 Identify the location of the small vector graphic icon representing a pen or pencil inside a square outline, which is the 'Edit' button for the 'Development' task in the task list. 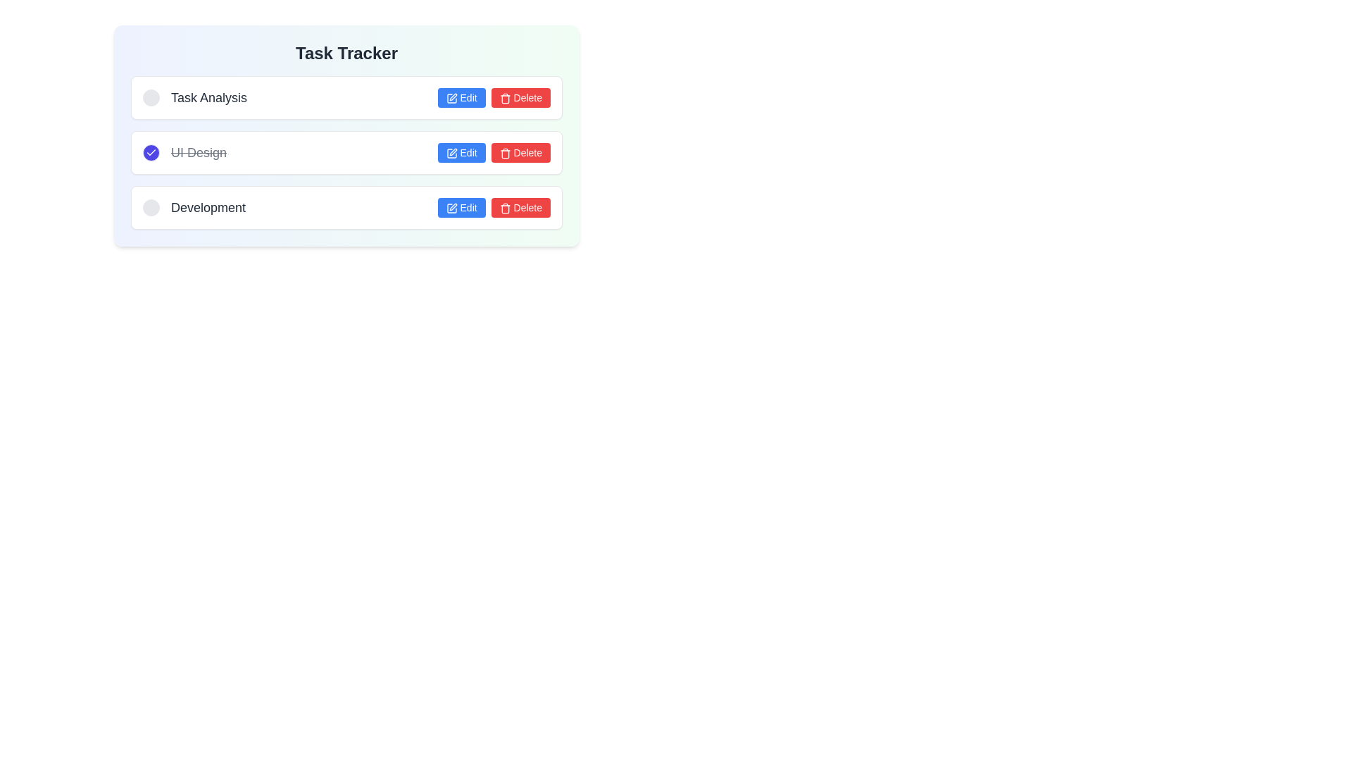
(453, 207).